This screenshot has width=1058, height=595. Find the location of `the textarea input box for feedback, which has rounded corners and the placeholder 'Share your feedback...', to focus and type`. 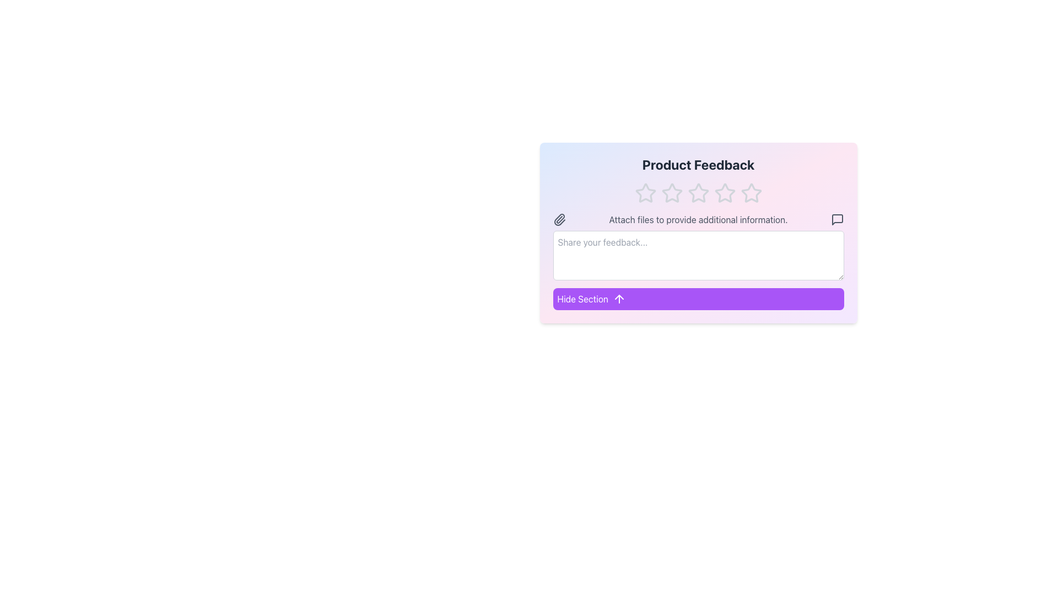

the textarea input box for feedback, which has rounded corners and the placeholder 'Share your feedback...', to focus and type is located at coordinates (698, 255).